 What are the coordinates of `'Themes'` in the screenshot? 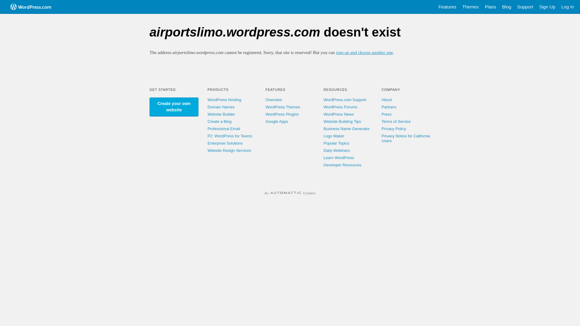 It's located at (470, 7).